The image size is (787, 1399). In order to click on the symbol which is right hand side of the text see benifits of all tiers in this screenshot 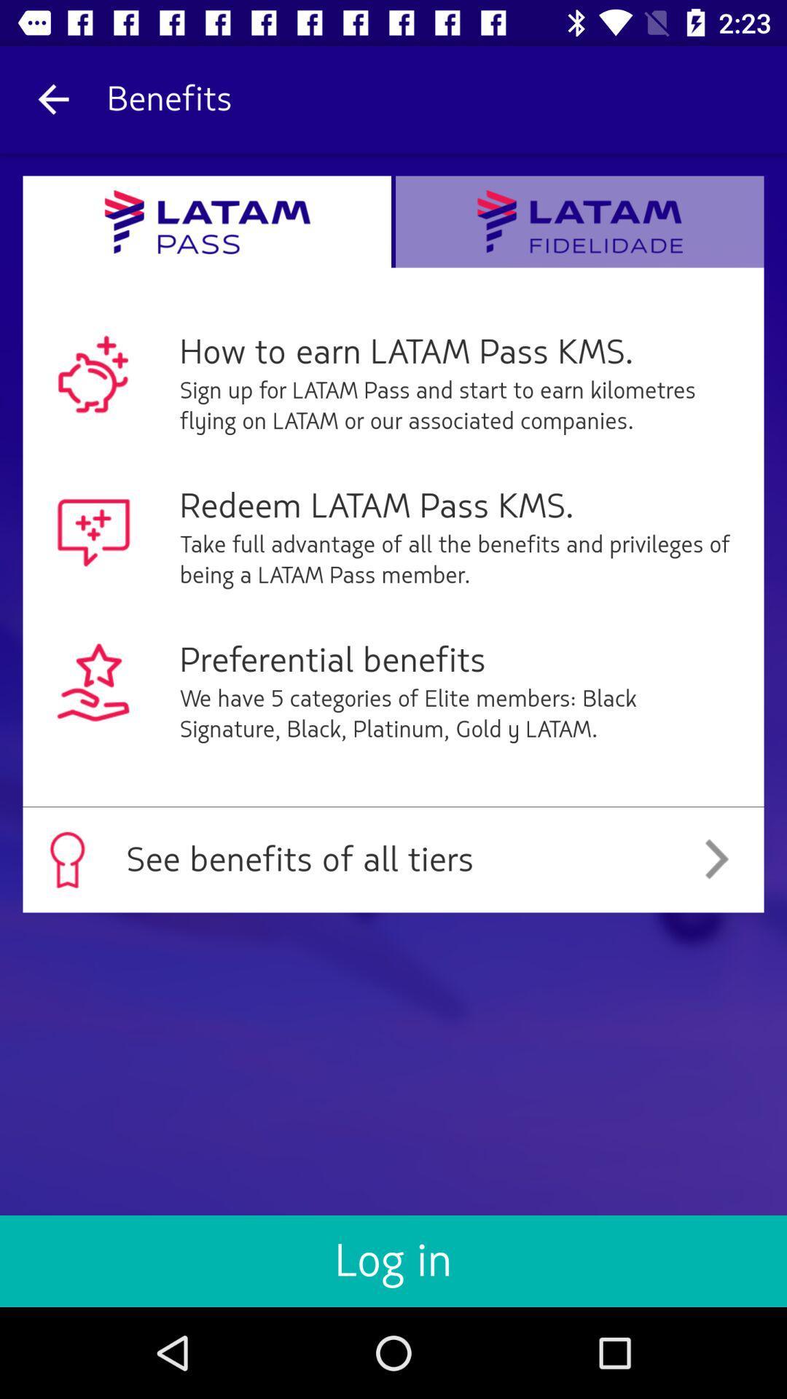, I will do `click(716, 860)`.